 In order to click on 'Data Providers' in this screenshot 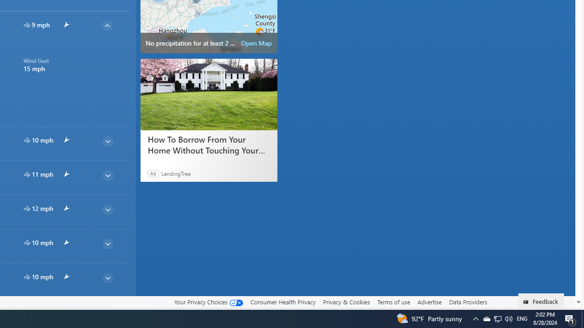, I will do `click(468, 302)`.